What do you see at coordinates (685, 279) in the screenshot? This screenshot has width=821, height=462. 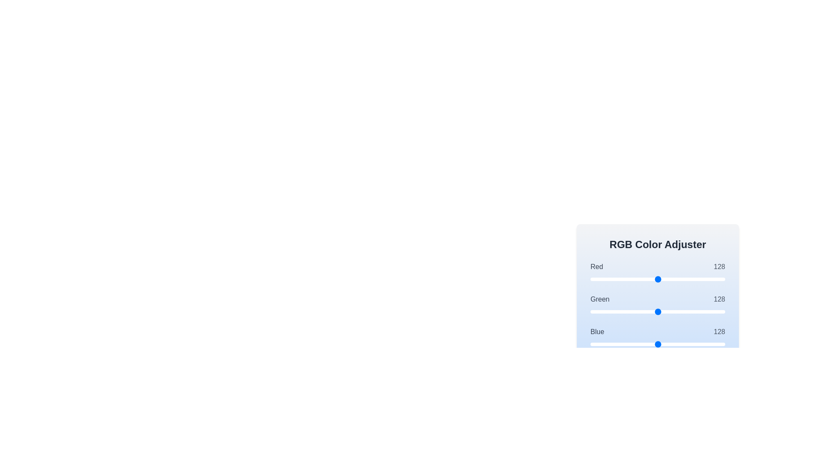 I see `the 0 slider to set its value to 180` at bounding box center [685, 279].